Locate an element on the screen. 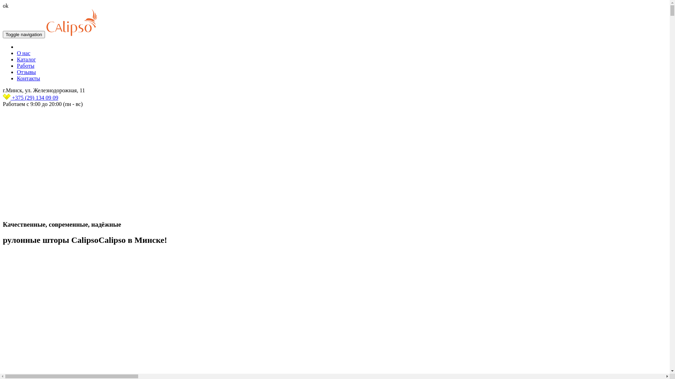  'Toggle navigation' is located at coordinates (24, 34).